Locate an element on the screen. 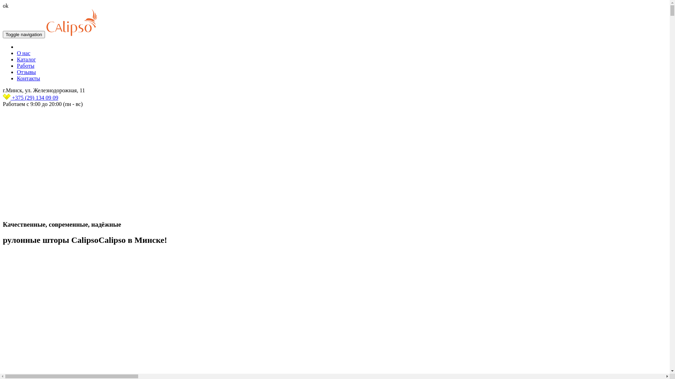  'Toggle navigation' is located at coordinates (24, 34).